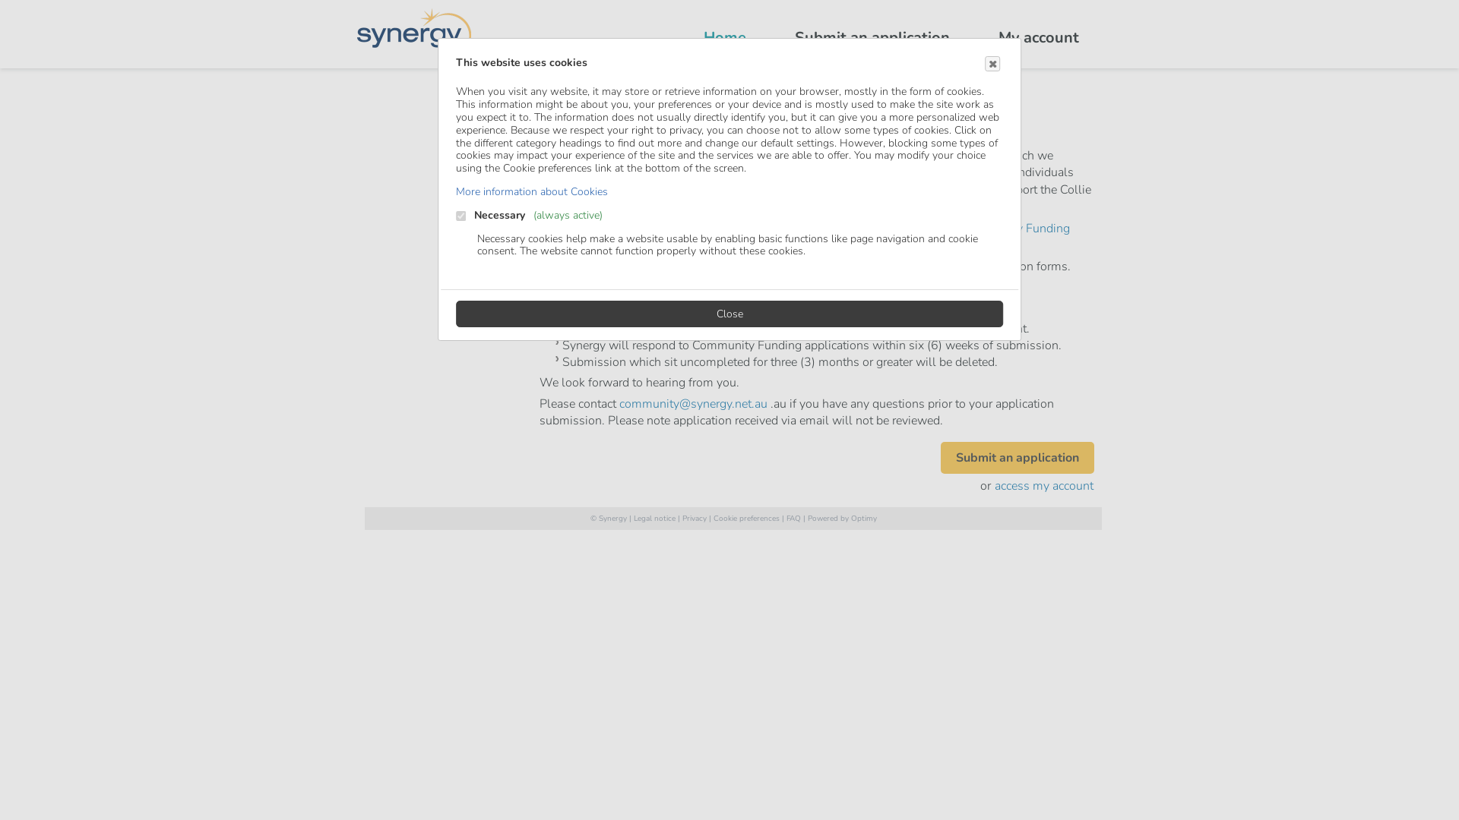  What do you see at coordinates (745, 517) in the screenshot?
I see `'Cookie preferences'` at bounding box center [745, 517].